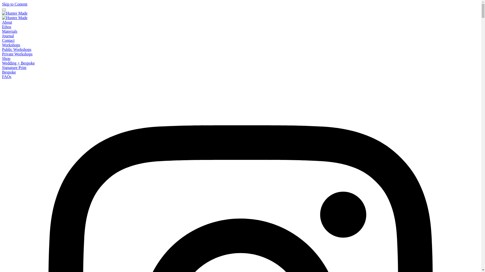  What do you see at coordinates (17, 49) in the screenshot?
I see `'Public Workshops'` at bounding box center [17, 49].